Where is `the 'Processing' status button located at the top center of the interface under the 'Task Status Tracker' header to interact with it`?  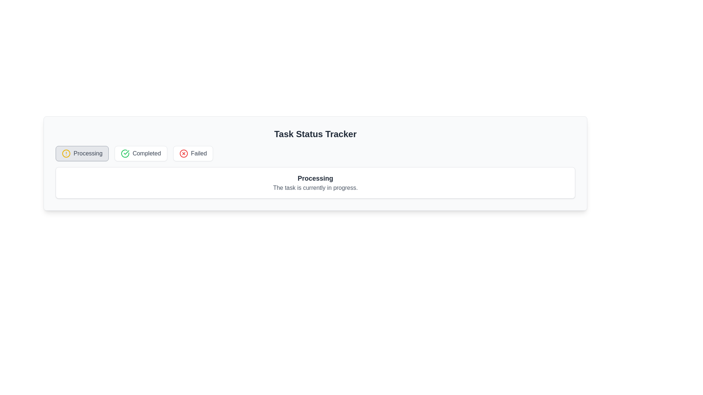
the 'Processing' status button located at the top center of the interface under the 'Task Status Tracker' header to interact with it is located at coordinates (82, 153).